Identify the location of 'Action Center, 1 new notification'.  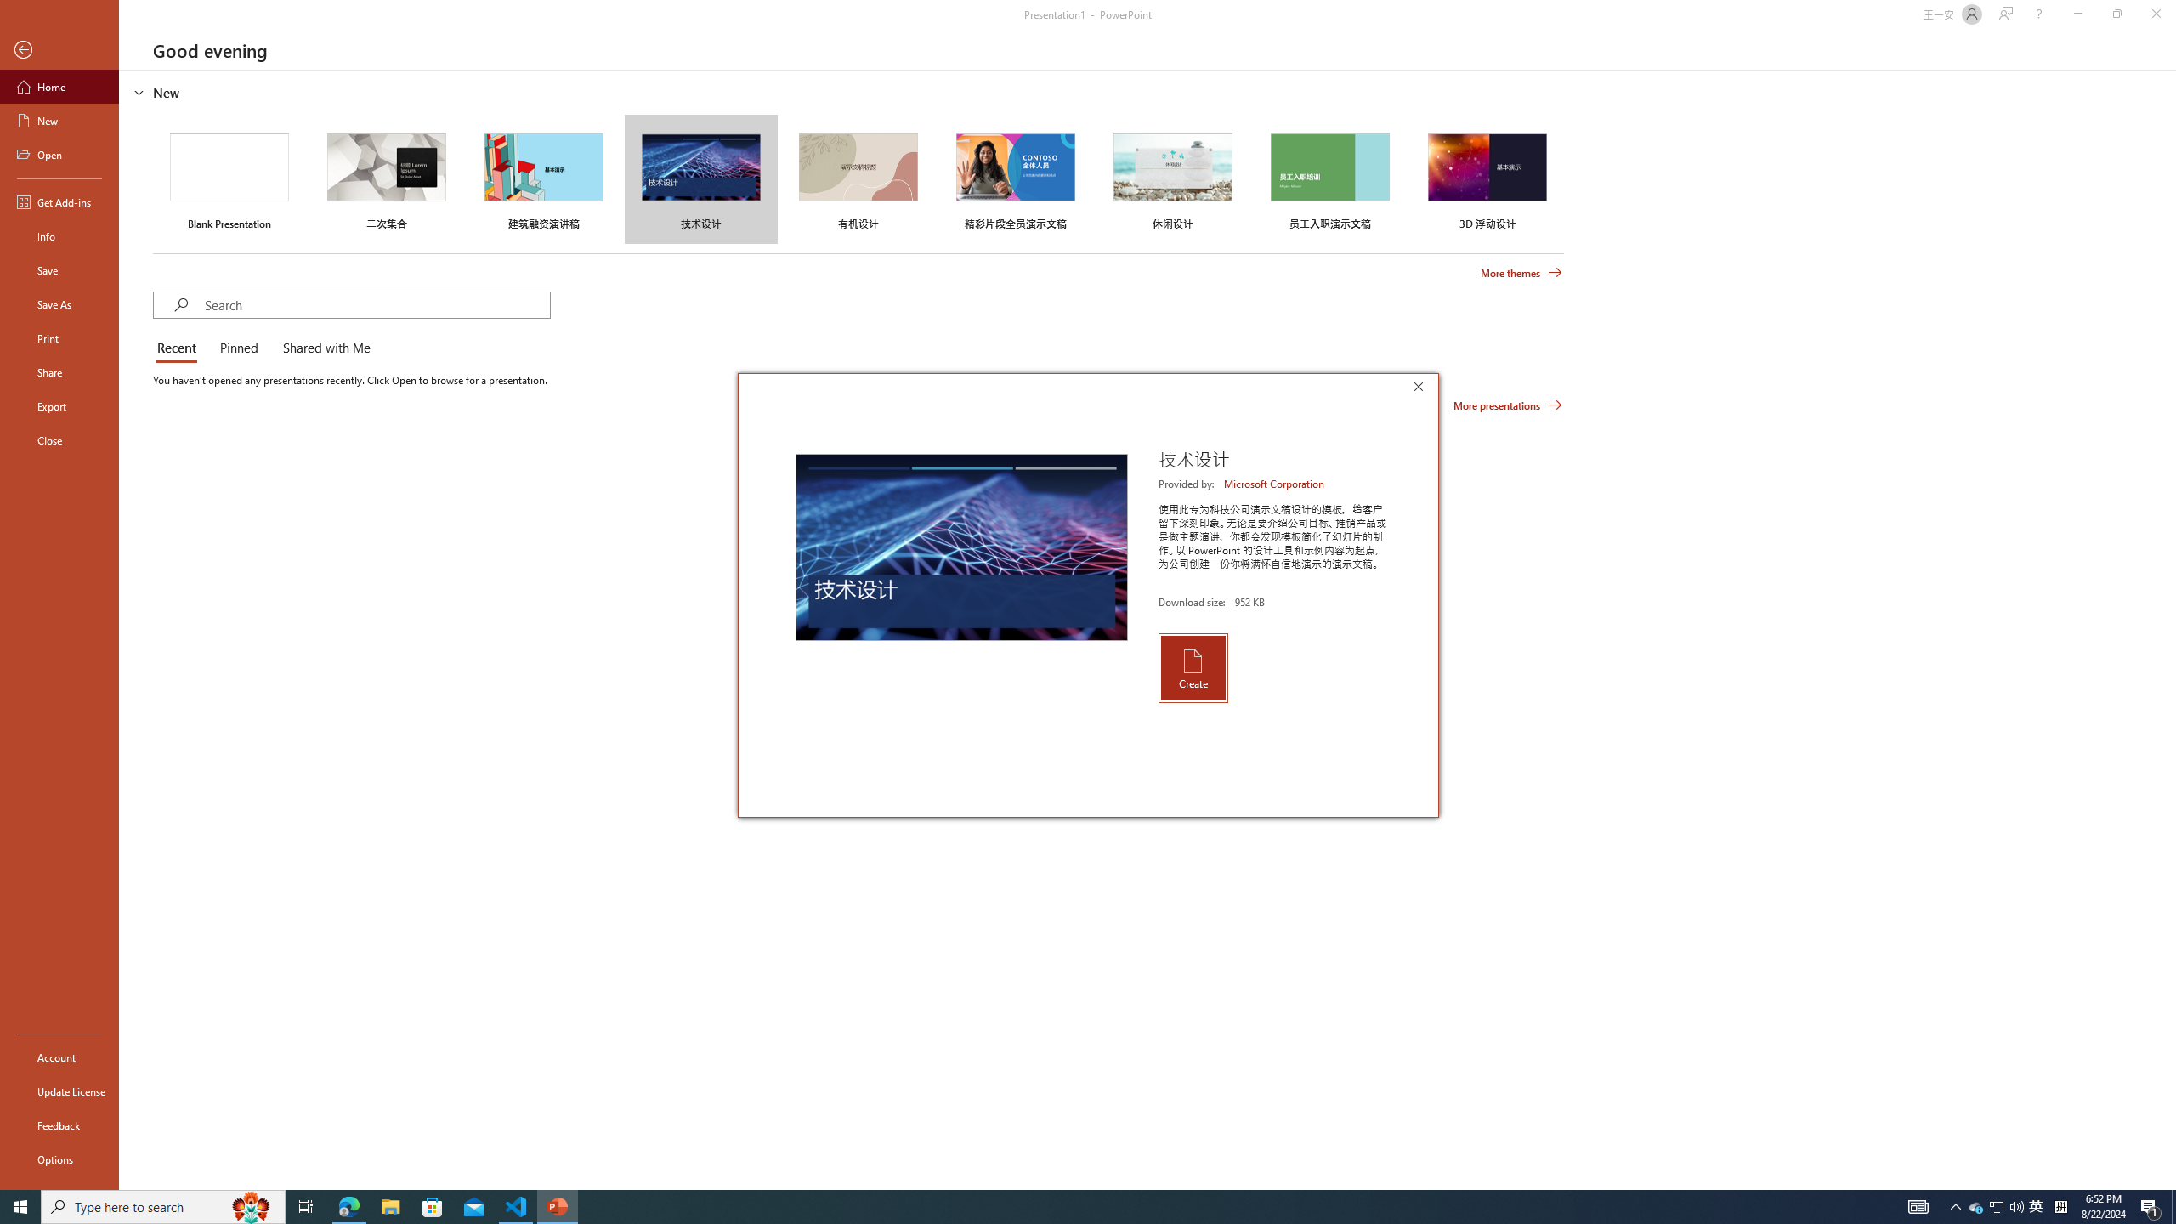
(2150, 1205).